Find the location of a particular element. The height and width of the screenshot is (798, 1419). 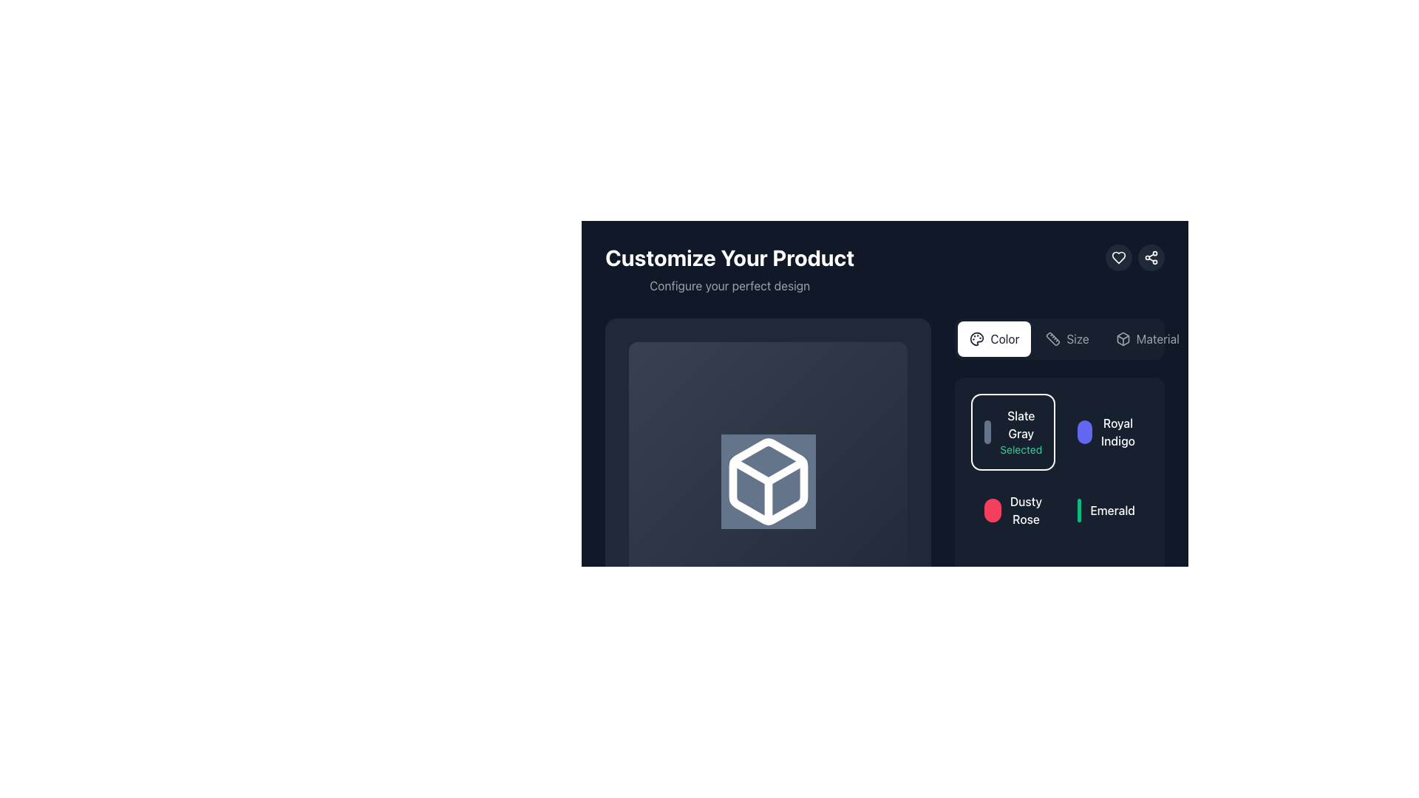

the circular share icon with a dark gray background located in the top-right corner of the interface is located at coordinates (1151, 256).